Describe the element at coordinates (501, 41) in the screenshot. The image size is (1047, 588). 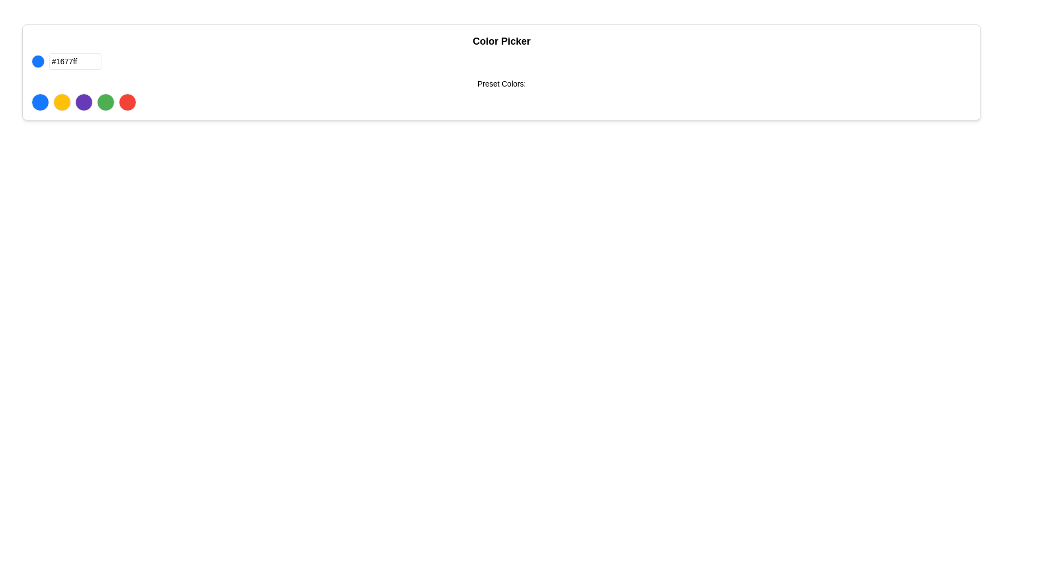
I see `the header text element related to color selection functionalities` at that location.